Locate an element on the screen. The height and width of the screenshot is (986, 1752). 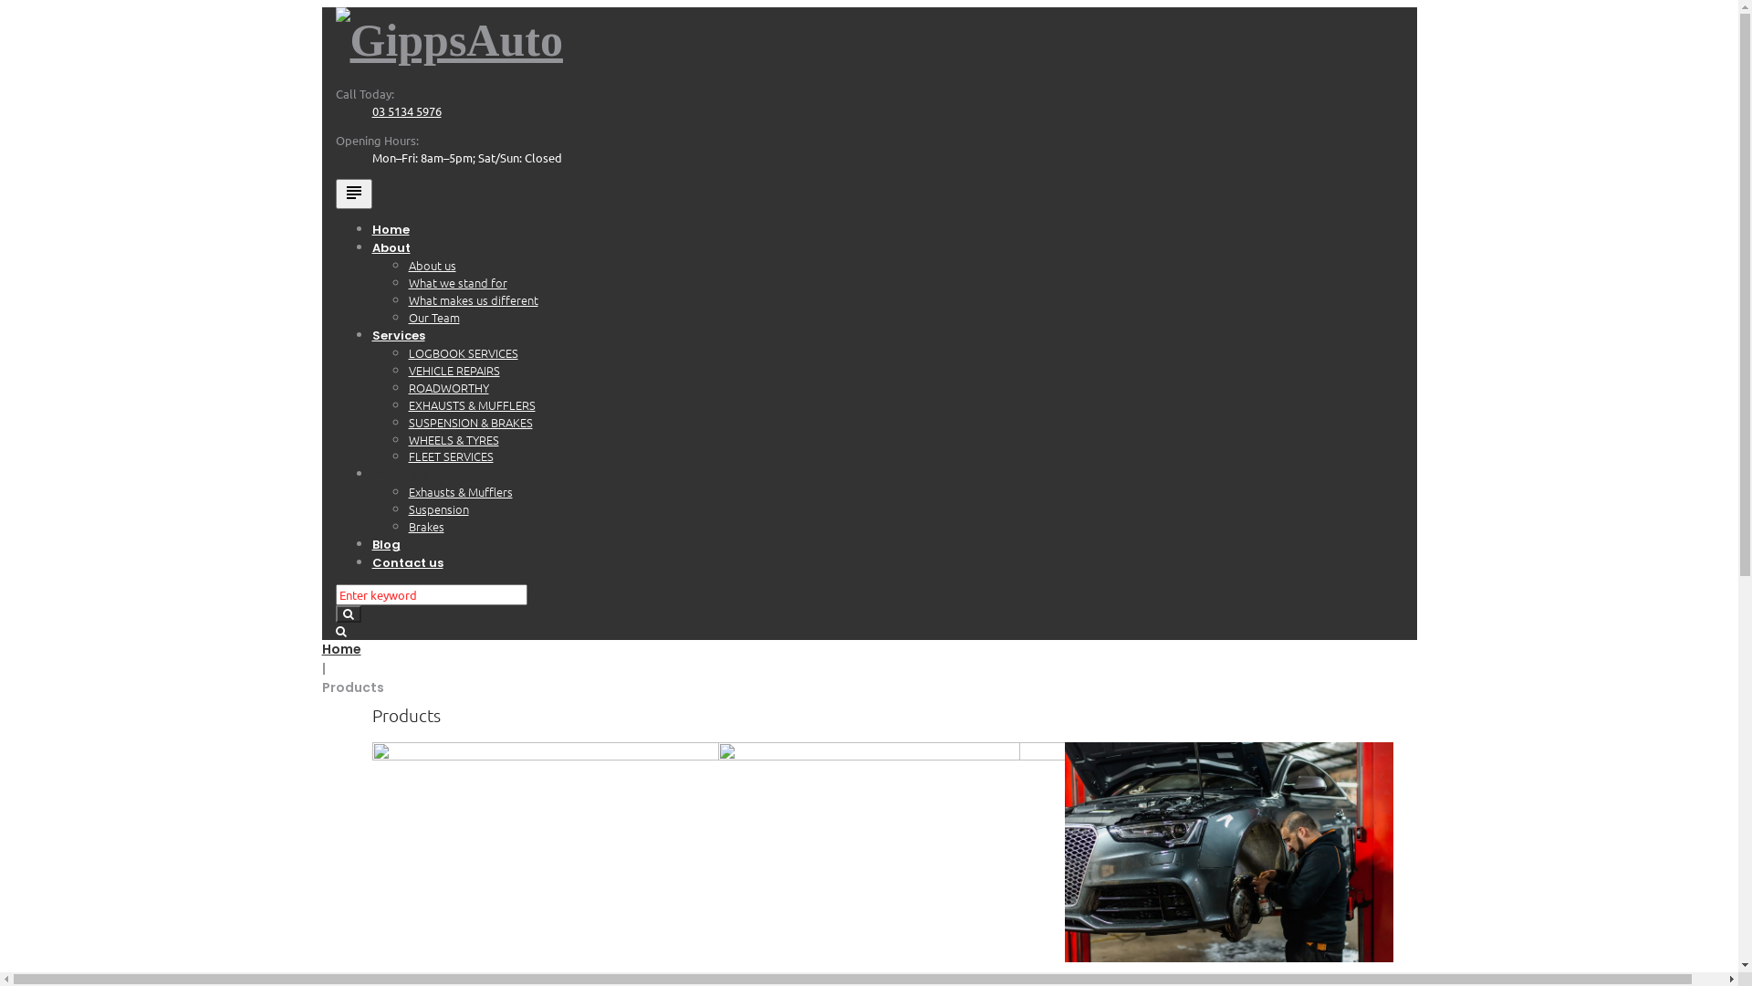
'ROADWORTHY' is located at coordinates (448, 386).